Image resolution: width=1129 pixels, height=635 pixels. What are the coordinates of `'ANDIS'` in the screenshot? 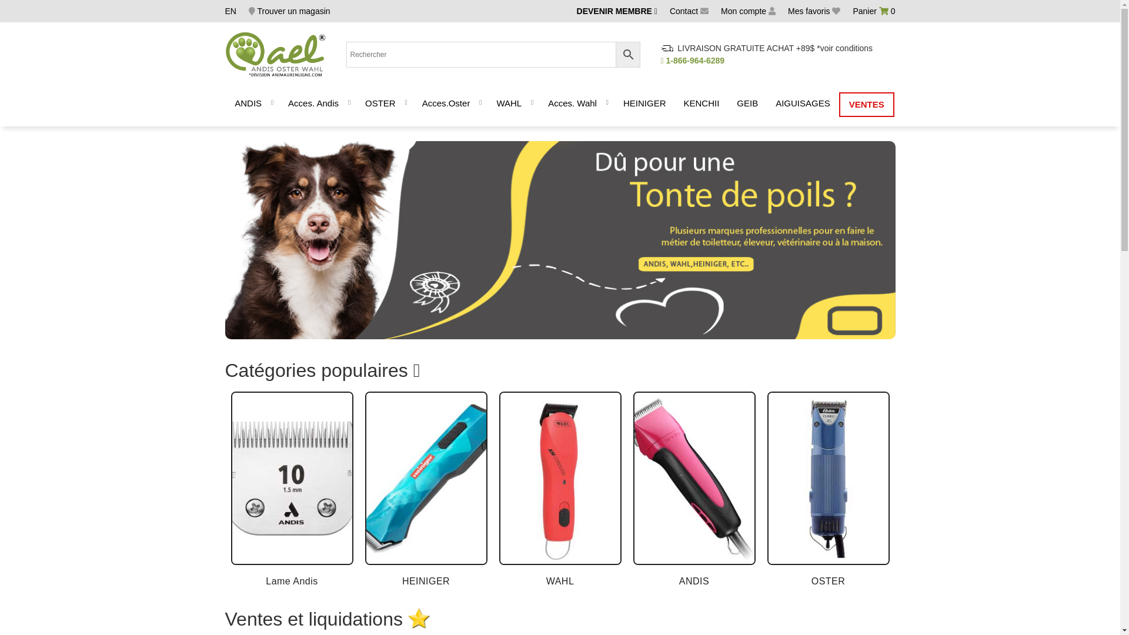 It's located at (248, 103).